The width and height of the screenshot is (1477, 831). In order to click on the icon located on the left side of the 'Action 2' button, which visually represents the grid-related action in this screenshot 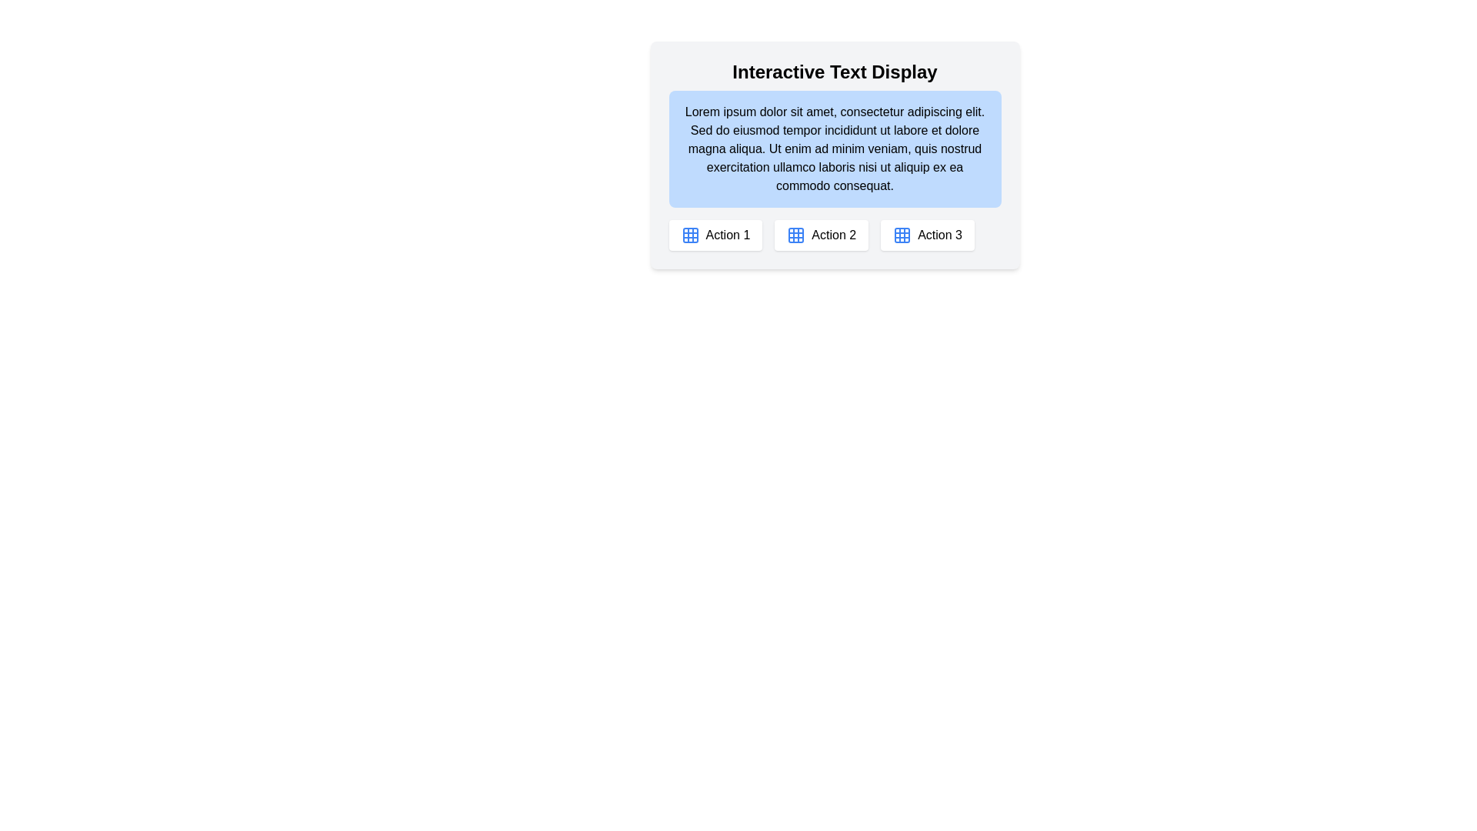, I will do `click(796, 235)`.